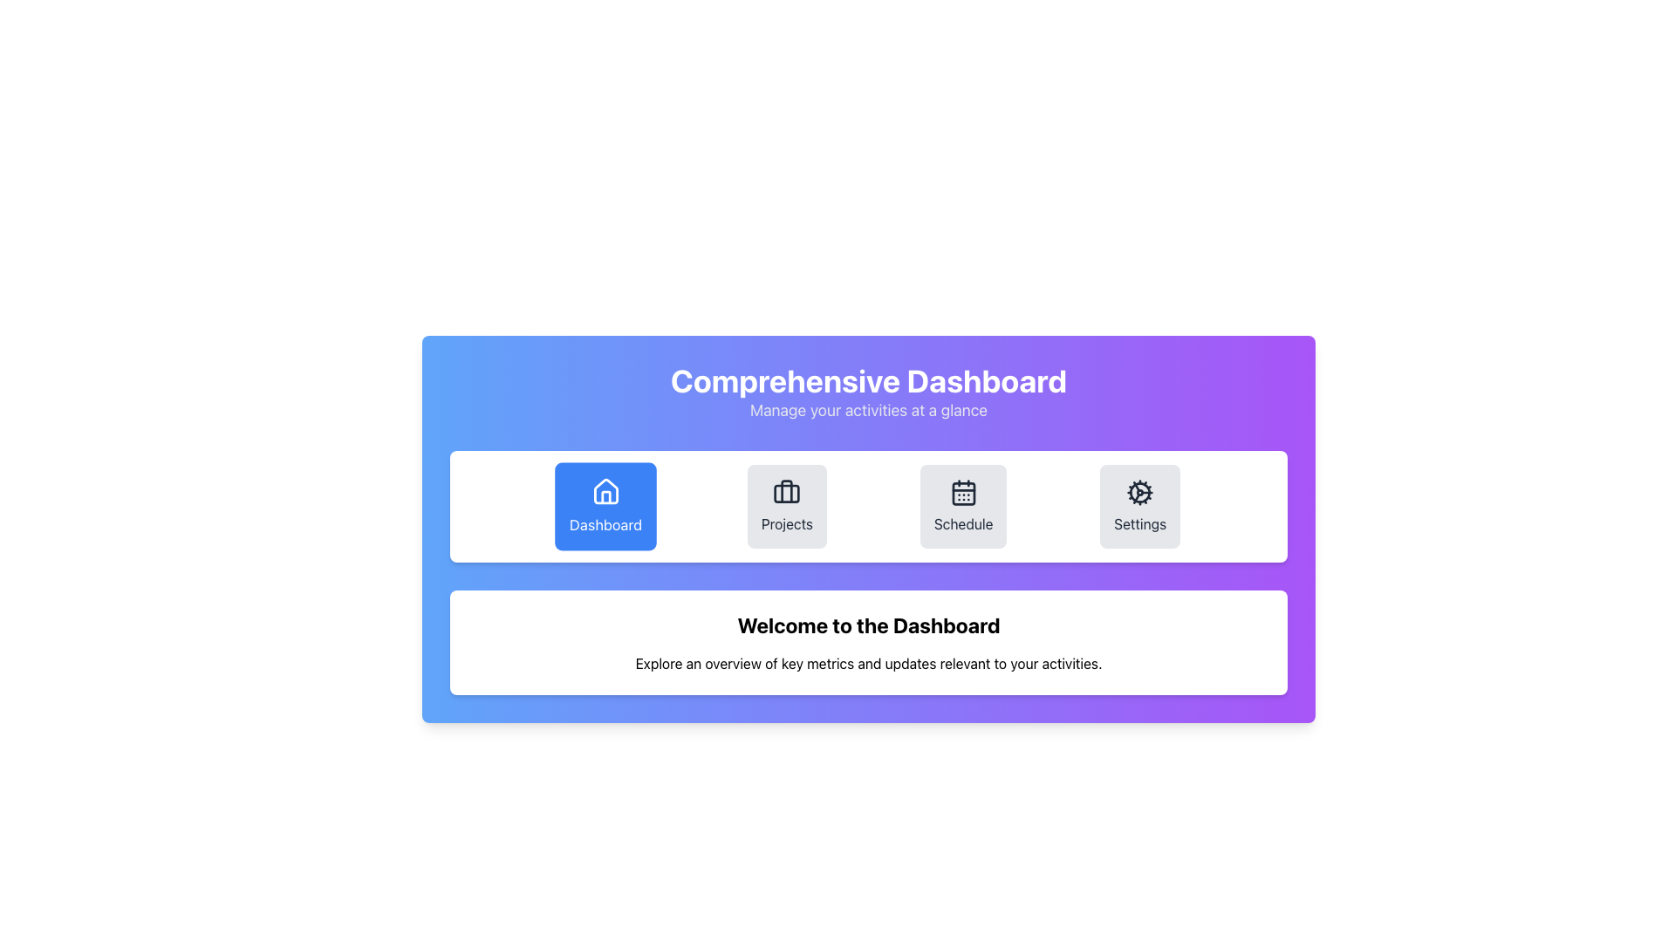 The image size is (1675, 942). I want to click on the 'Projects' button represented by the SVG Icon located below the title 'Comprehensive Dashboard', so click(786, 492).